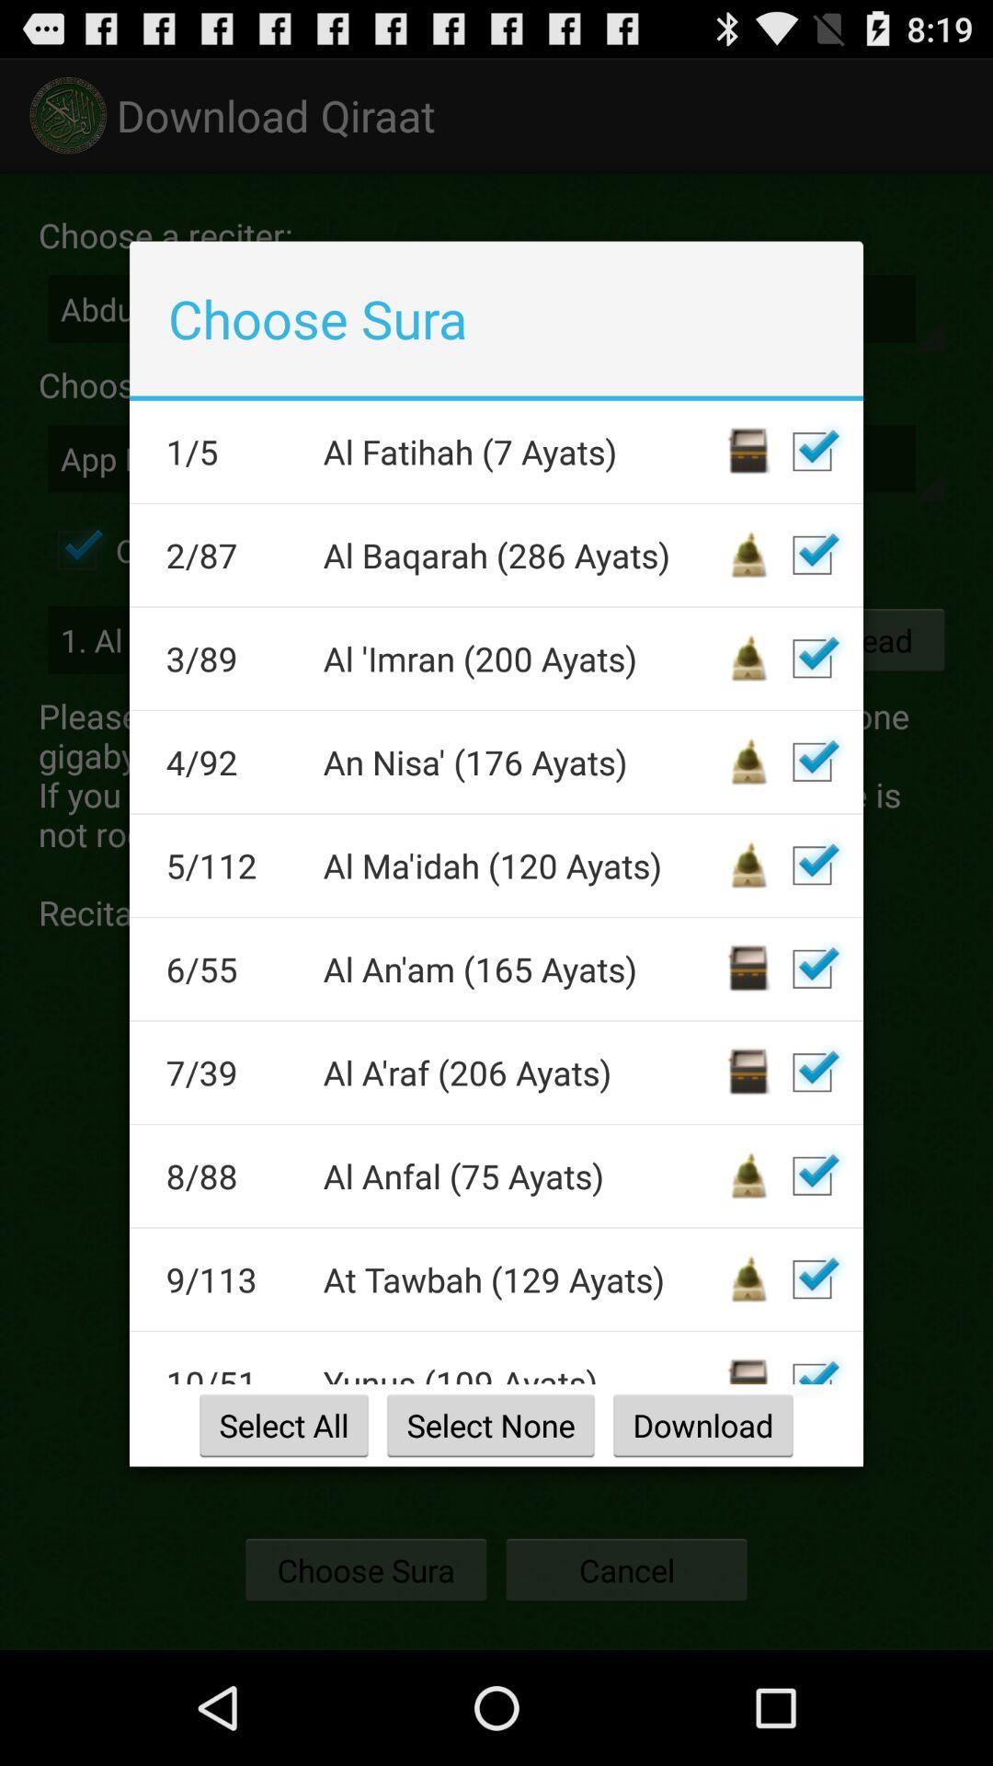 The image size is (993, 1766). I want to click on the item above select all item, so click(522, 1372).